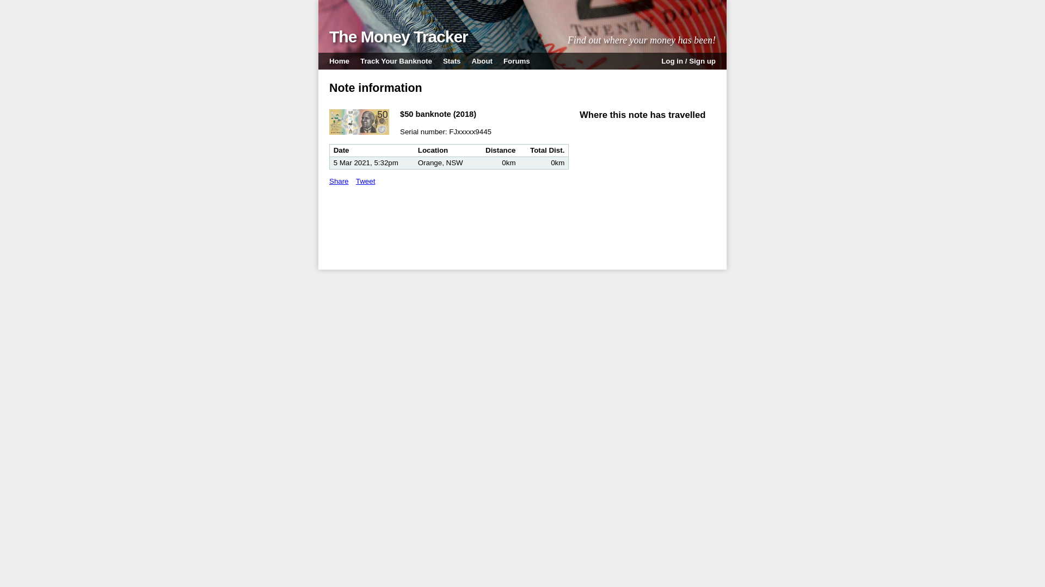 This screenshot has height=587, width=1045. What do you see at coordinates (452, 61) in the screenshot?
I see `'Stats'` at bounding box center [452, 61].